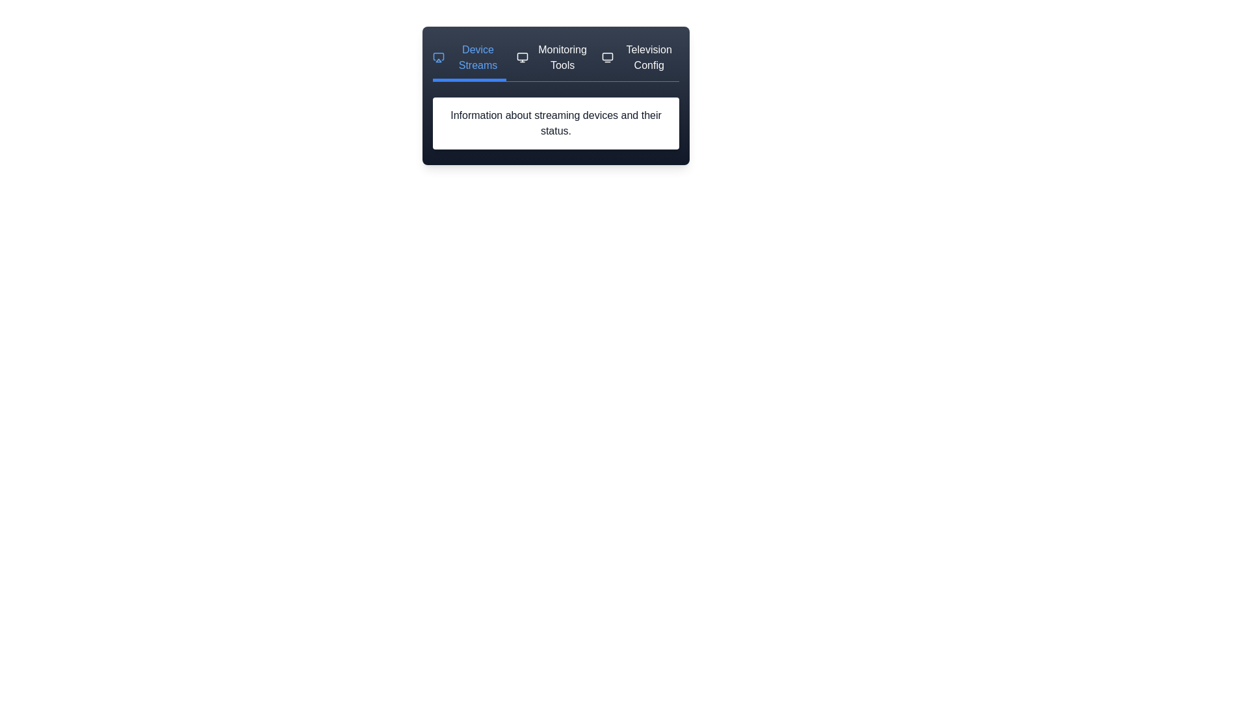 This screenshot has width=1248, height=702. I want to click on the icon next to the tab labeled Monitoring Tools, so click(521, 57).